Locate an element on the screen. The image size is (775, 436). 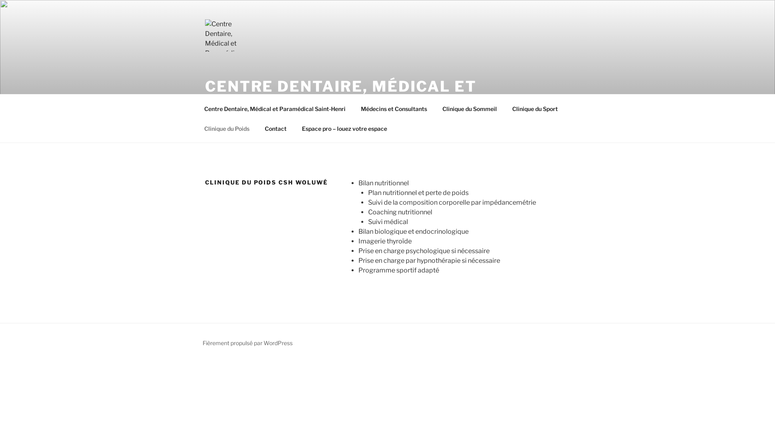
'Contact' is located at coordinates (275, 128).